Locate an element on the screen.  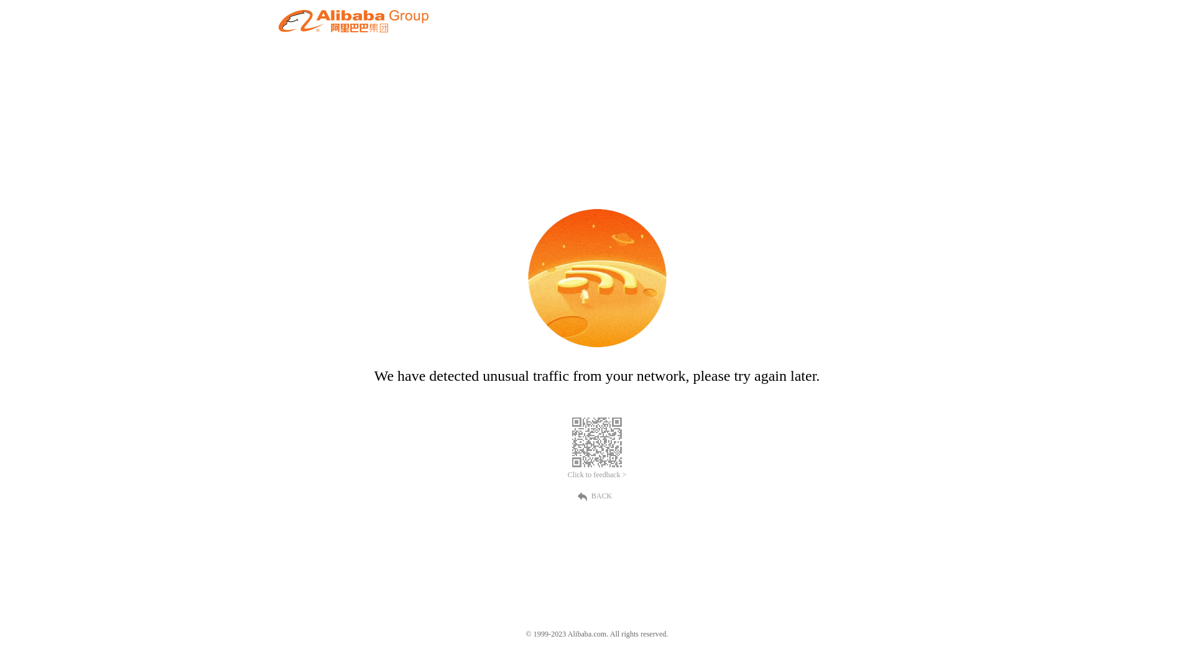
'Click to feedback >' is located at coordinates (597, 475).